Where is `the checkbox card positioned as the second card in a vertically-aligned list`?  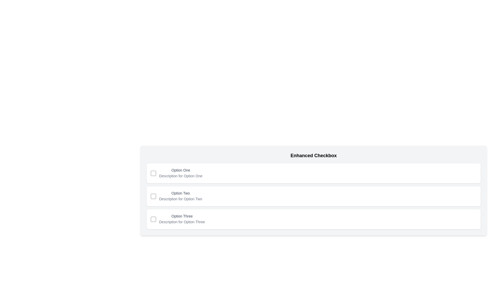
the checkbox card positioned as the second card in a vertically-aligned list is located at coordinates (313, 196).